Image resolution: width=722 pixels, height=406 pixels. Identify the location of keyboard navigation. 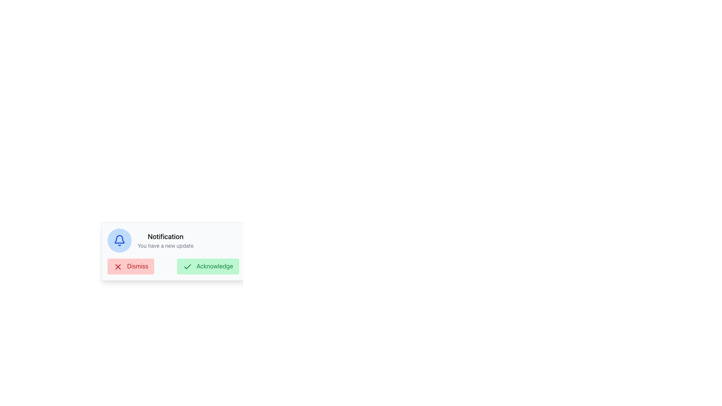
(208, 266).